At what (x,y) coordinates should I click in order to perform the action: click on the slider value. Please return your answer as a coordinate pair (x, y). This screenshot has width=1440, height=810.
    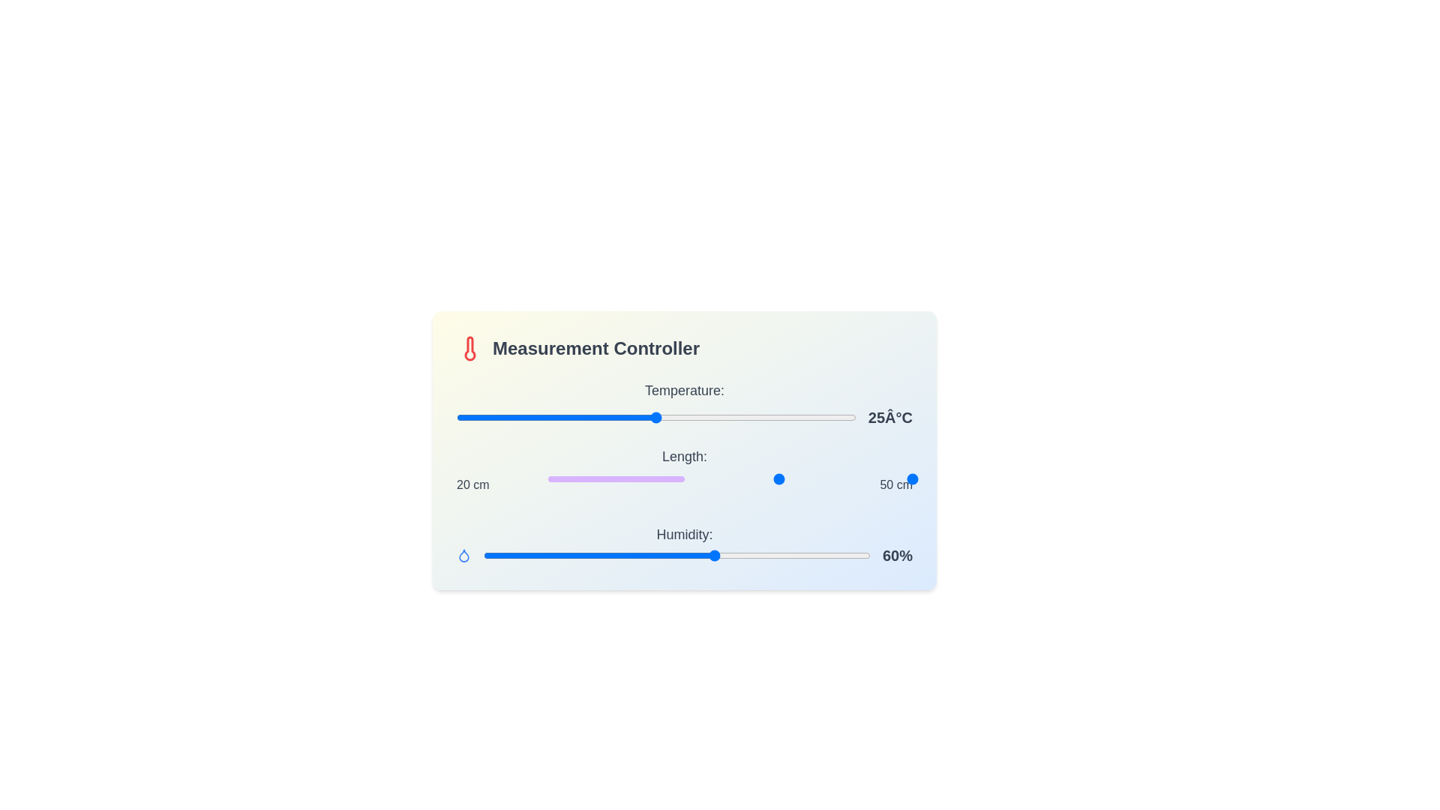
    Looking at the image, I should click on (902, 479).